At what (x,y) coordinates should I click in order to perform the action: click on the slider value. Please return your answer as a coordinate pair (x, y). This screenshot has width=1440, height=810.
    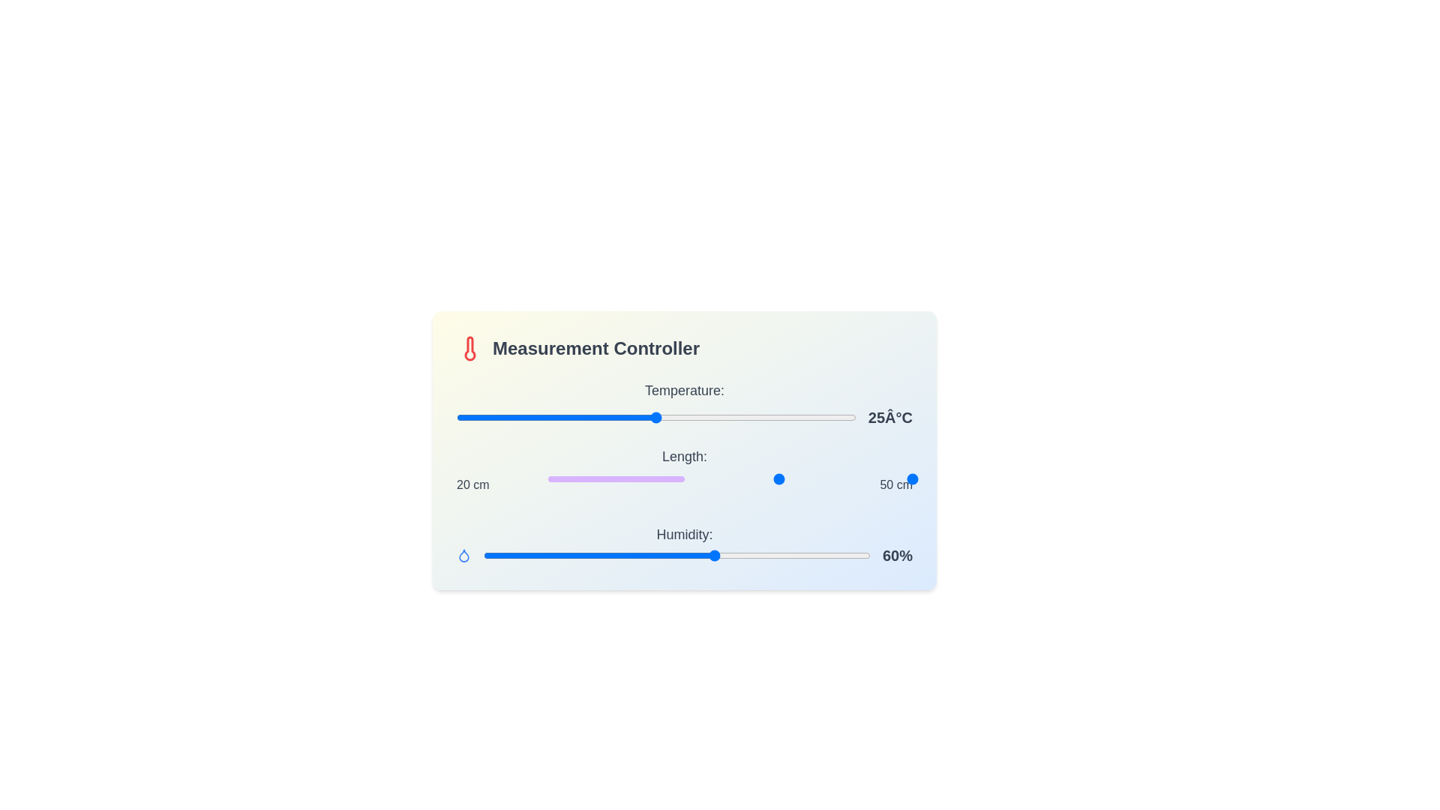
    Looking at the image, I should click on (902, 479).